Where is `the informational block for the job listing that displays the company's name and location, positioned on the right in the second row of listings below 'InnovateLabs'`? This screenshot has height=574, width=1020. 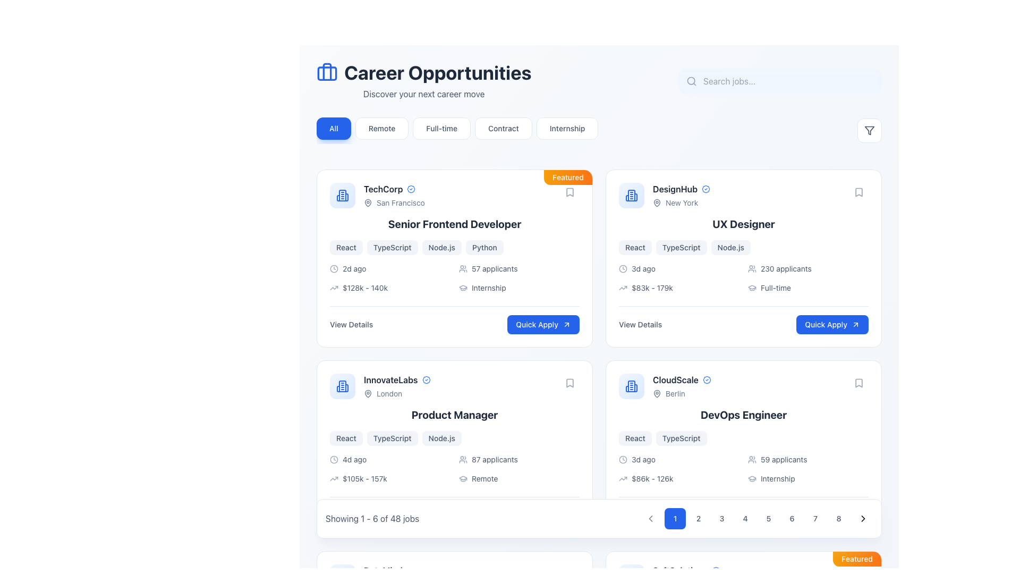 the informational block for the job listing that displays the company's name and location, positioned on the right in the second row of listings below 'InnovateLabs' is located at coordinates (665, 386).